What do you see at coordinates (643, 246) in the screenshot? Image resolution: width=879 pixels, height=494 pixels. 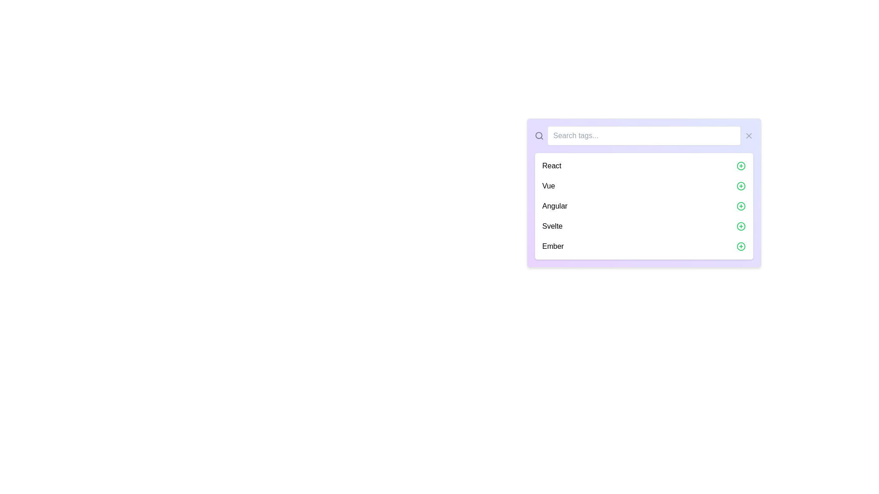 I see `the fifth selectable item in the dropdown menu, which represents the 'Ember' option` at bounding box center [643, 246].